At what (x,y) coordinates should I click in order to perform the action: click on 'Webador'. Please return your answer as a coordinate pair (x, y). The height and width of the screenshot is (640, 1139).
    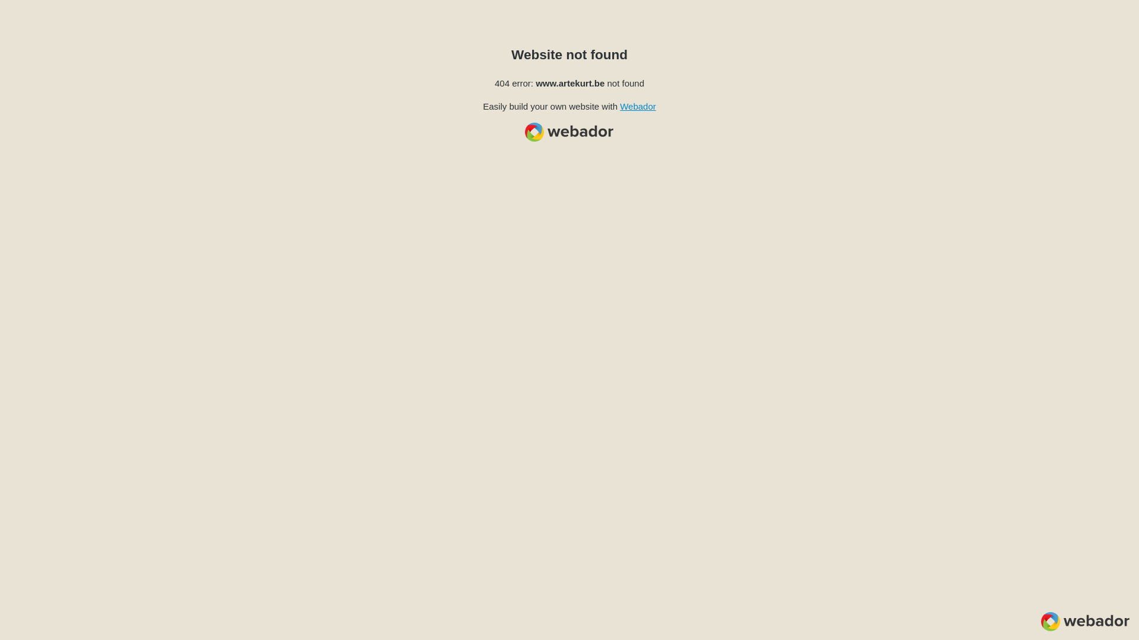
    Looking at the image, I should click on (637, 105).